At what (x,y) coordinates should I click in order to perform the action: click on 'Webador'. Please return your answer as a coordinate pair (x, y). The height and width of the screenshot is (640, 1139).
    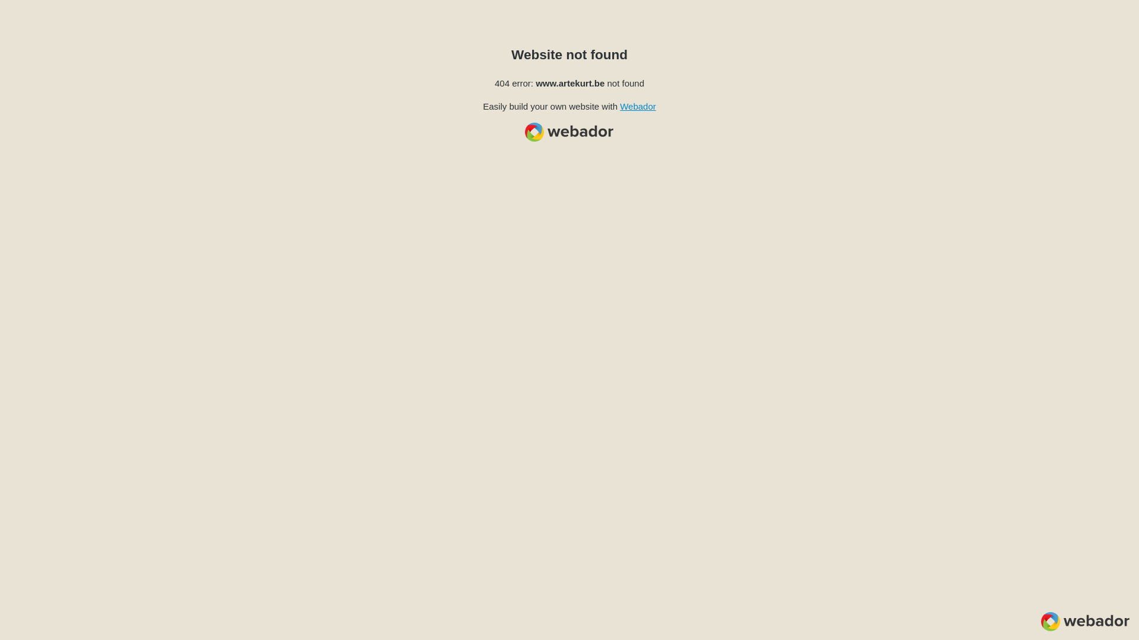
    Looking at the image, I should click on (637, 105).